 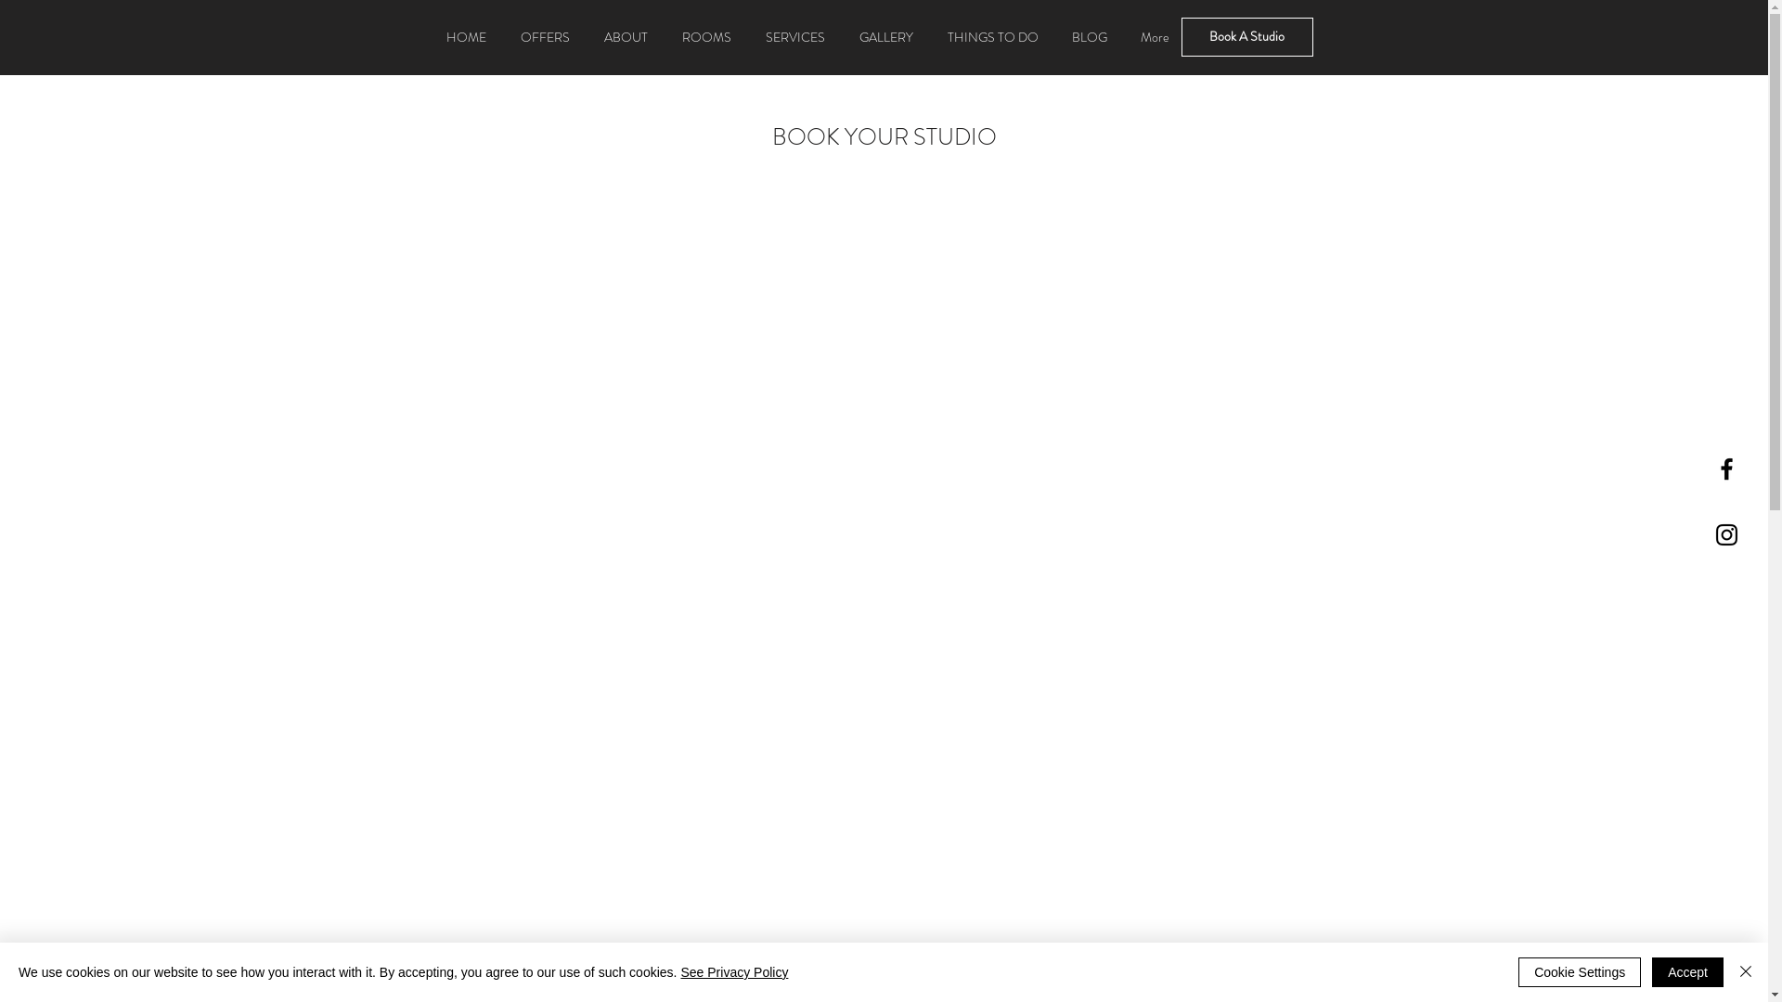 What do you see at coordinates (991, 36) in the screenshot?
I see `'THINGS TO DO'` at bounding box center [991, 36].